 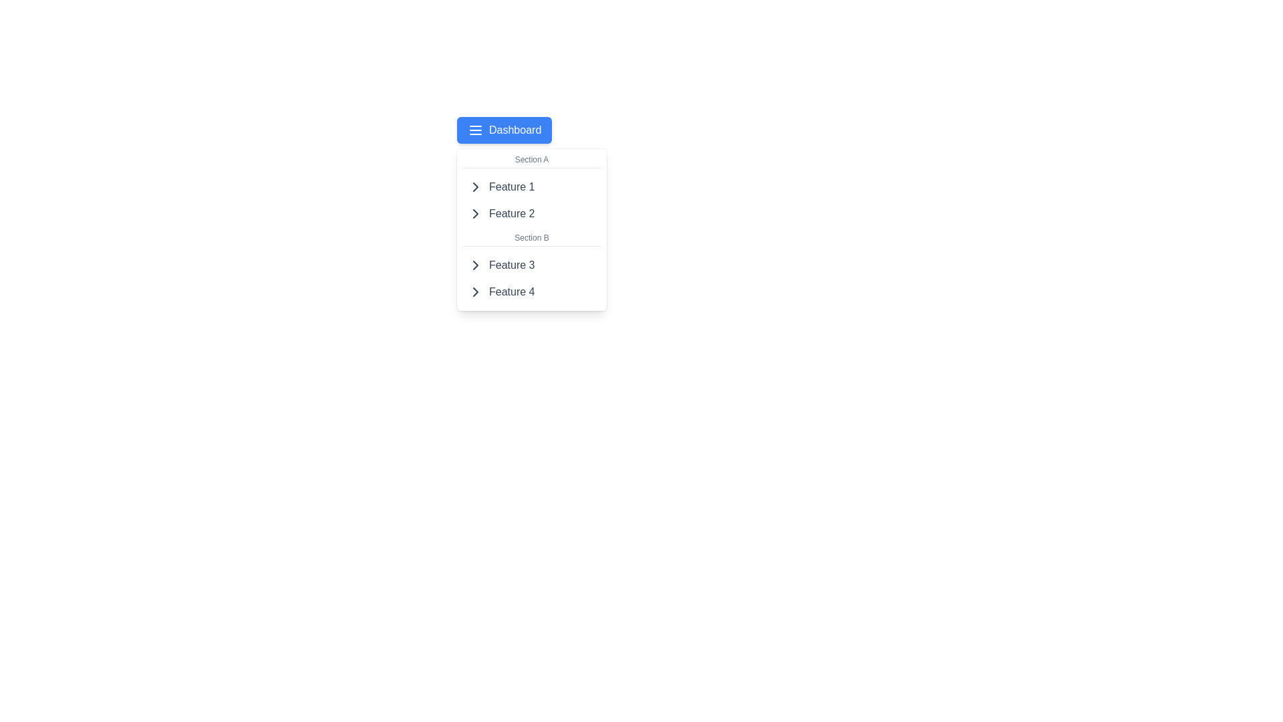 I want to click on the first menu item located under 'Section A', so click(x=531, y=187).